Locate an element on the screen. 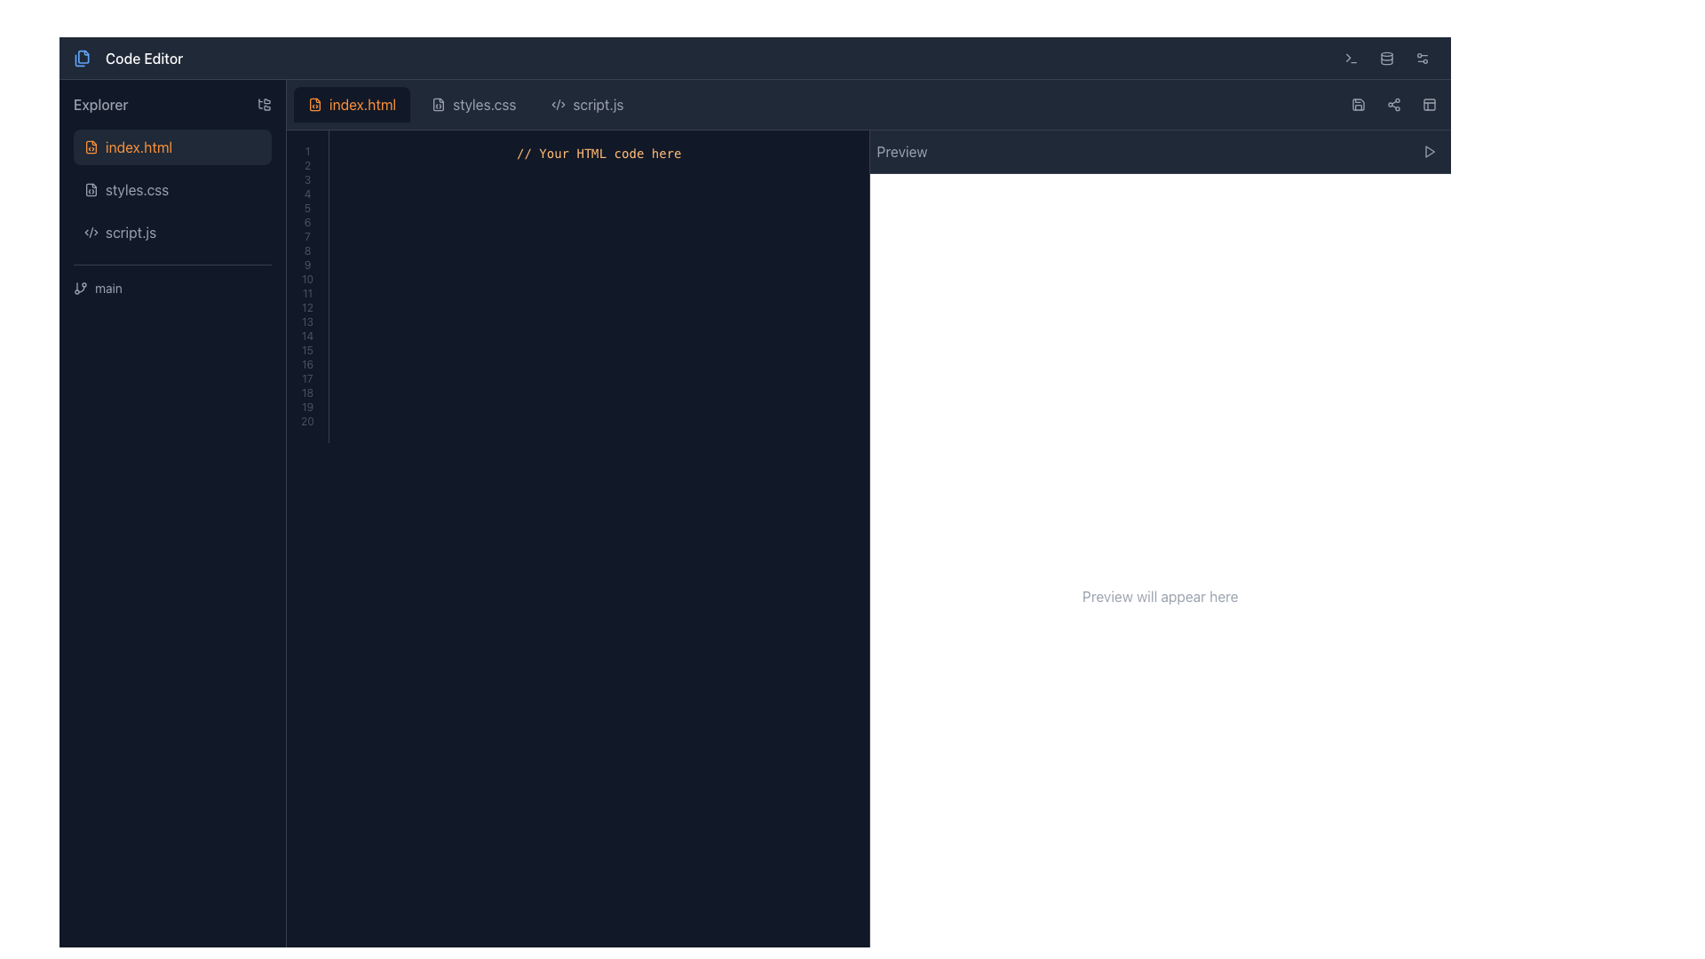 This screenshot has width=1705, height=959. the leftmost button in the group of three buttons at the top-right corner of the interface to invoke its action is located at coordinates (1350, 57).